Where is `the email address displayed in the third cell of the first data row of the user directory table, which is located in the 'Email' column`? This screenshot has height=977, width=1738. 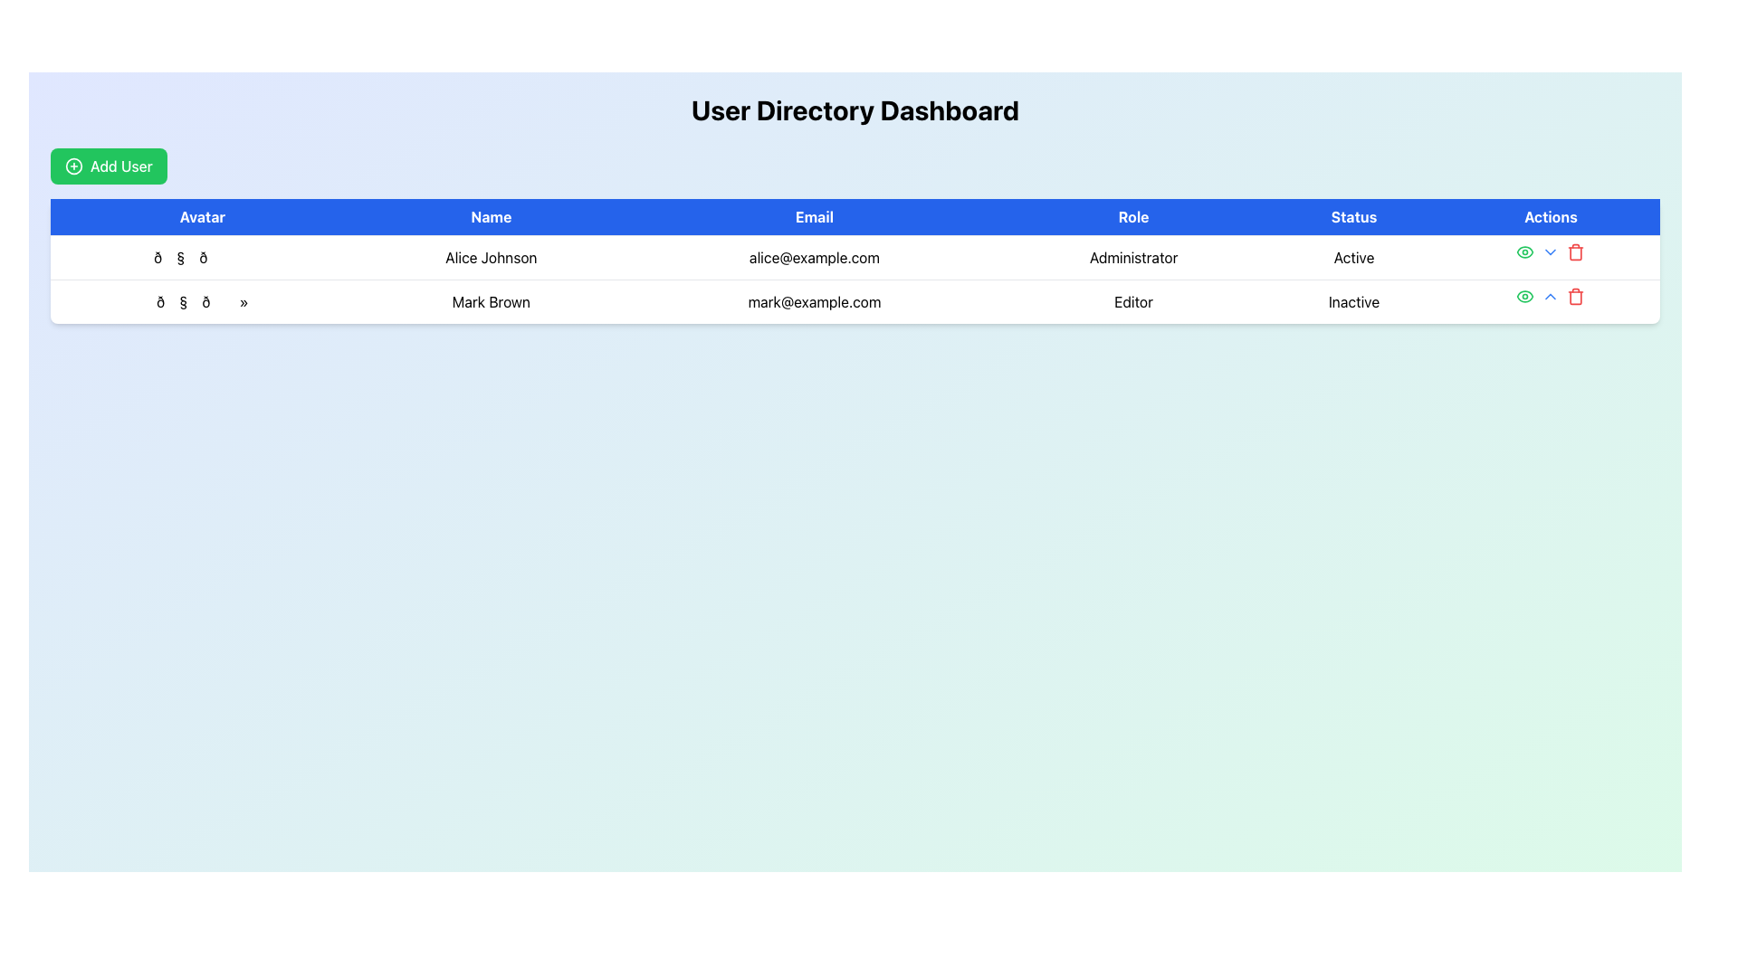 the email address displayed in the third cell of the first data row of the user directory table, which is located in the 'Email' column is located at coordinates (814, 258).